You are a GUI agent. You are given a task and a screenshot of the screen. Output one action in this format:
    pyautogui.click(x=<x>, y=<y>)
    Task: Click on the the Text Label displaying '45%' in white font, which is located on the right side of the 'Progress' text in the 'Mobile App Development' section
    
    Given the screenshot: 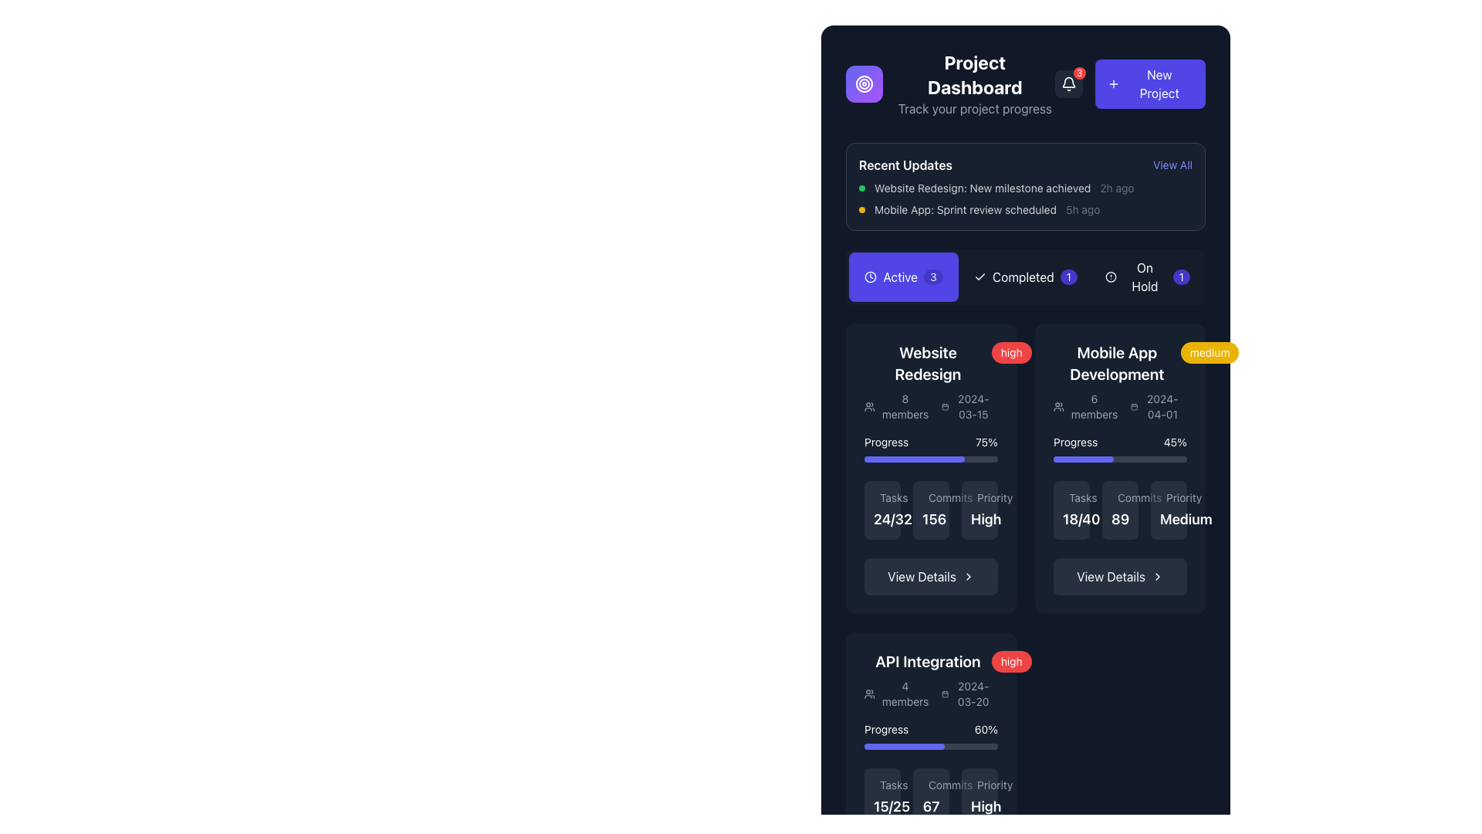 What is the action you would take?
    pyautogui.click(x=1174, y=442)
    